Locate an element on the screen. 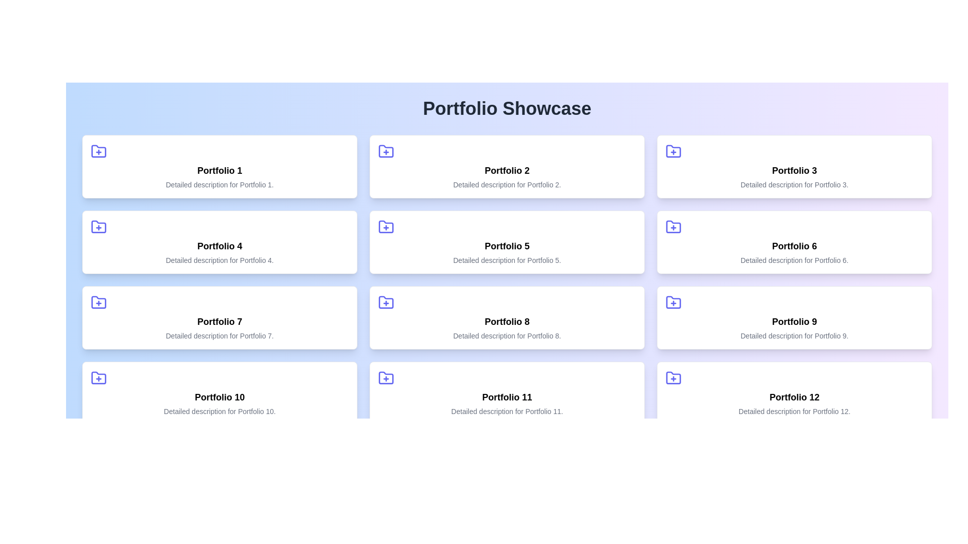 Image resolution: width=968 pixels, height=544 pixels. the text display that shows 'Portfolio 2', which is the title text within the card in the second column of the first row in the 'Portfolio Showcase' section is located at coordinates (507, 170).